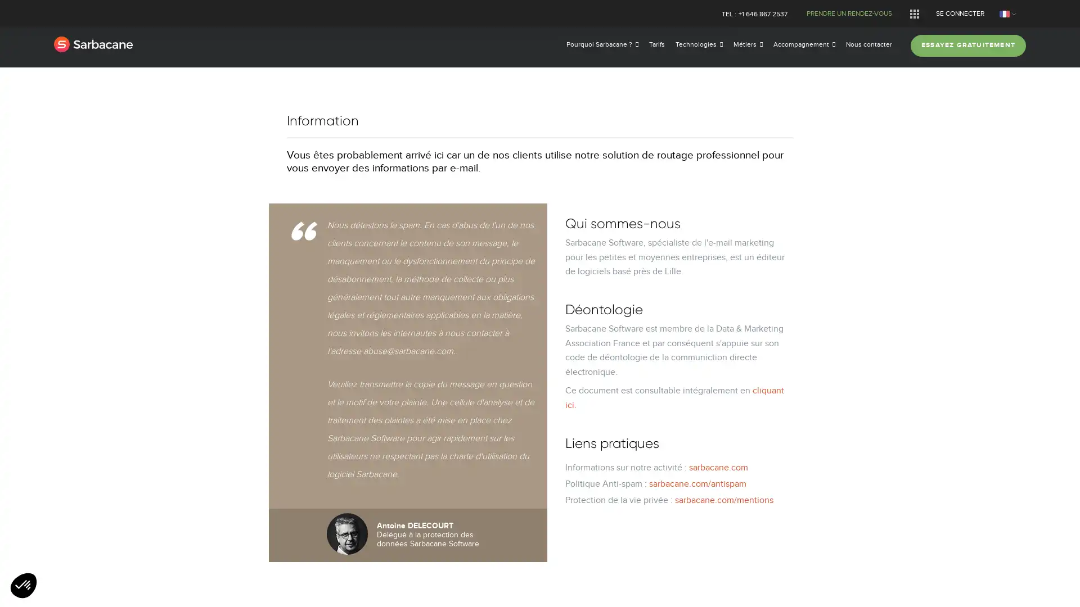 The image size is (1080, 607). Describe the element at coordinates (629, 380) in the screenshot. I see `OK pour moi` at that location.